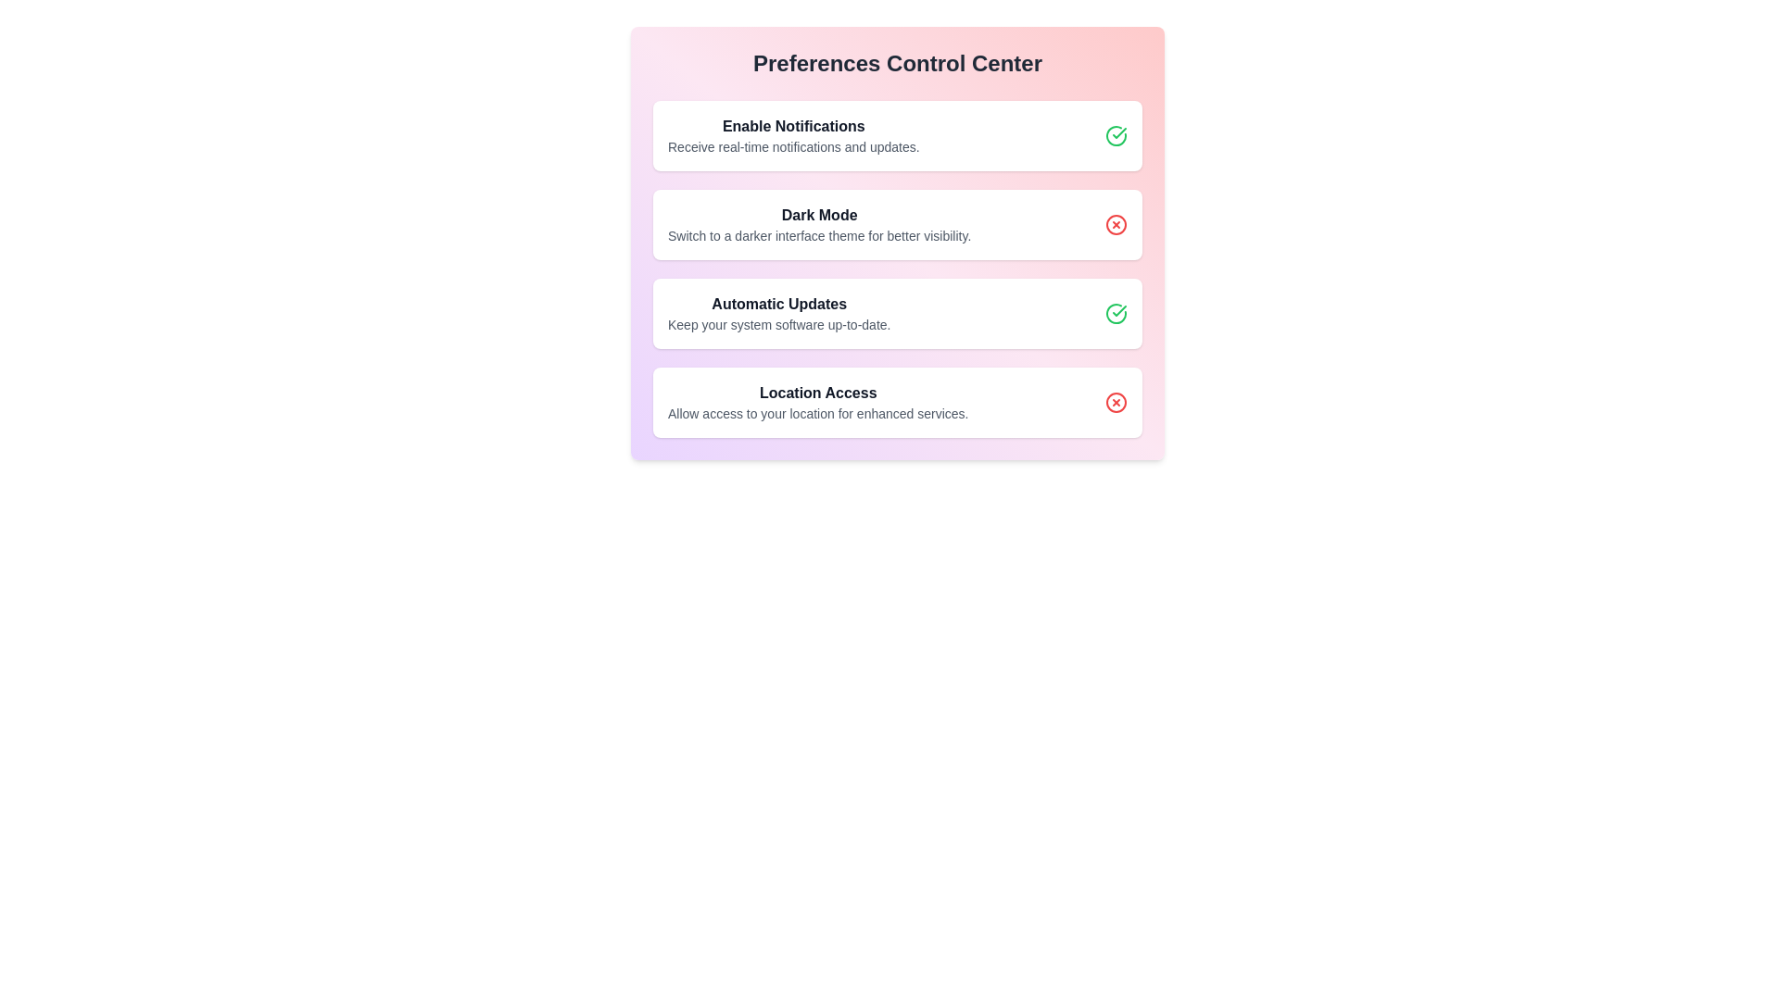 This screenshot has height=1000, width=1779. Describe the element at coordinates (779, 324) in the screenshot. I see `text label providing supplementary information about 'Automatic Updates', located below the header within the card layout` at that location.